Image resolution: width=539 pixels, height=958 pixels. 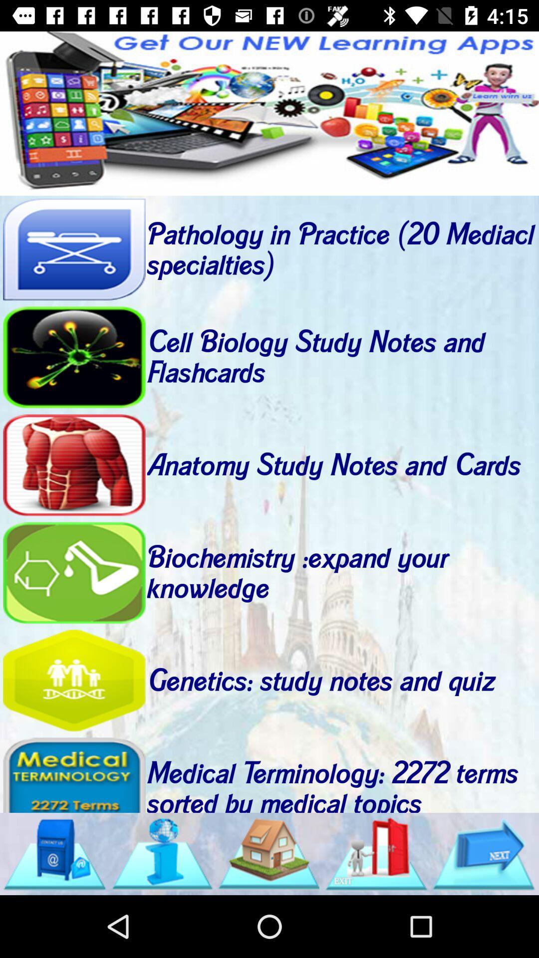 I want to click on information tab, so click(x=161, y=853).